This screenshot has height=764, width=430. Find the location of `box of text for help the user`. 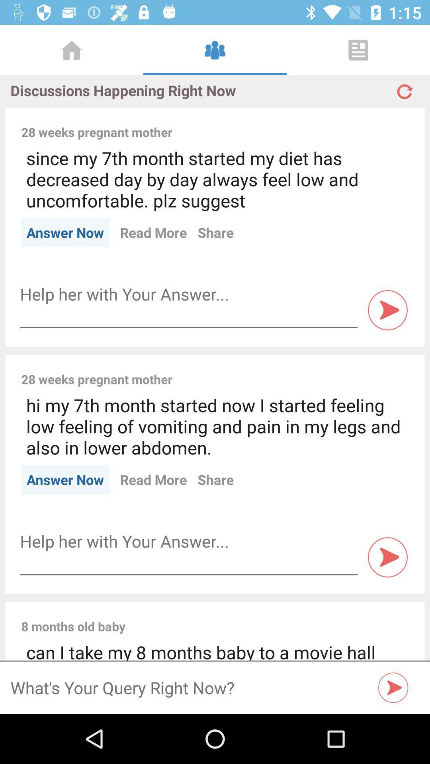

box of text for help the user is located at coordinates (189, 294).